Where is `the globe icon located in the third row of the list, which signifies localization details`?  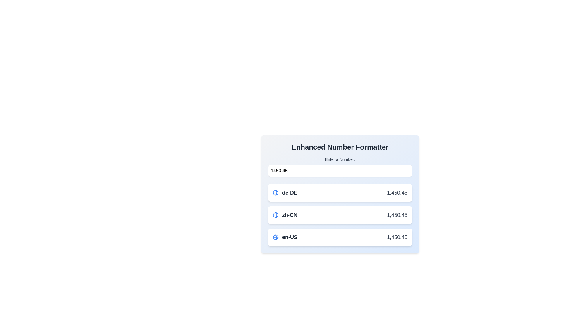
the globe icon located in the third row of the list, which signifies localization details is located at coordinates (275, 237).